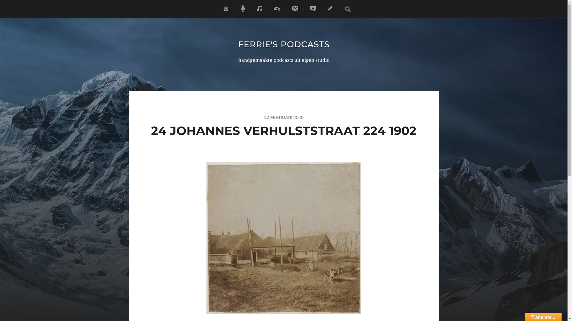 This screenshot has height=321, width=572. What do you see at coordinates (330, 9) in the screenshot?
I see `'CONTACT'` at bounding box center [330, 9].